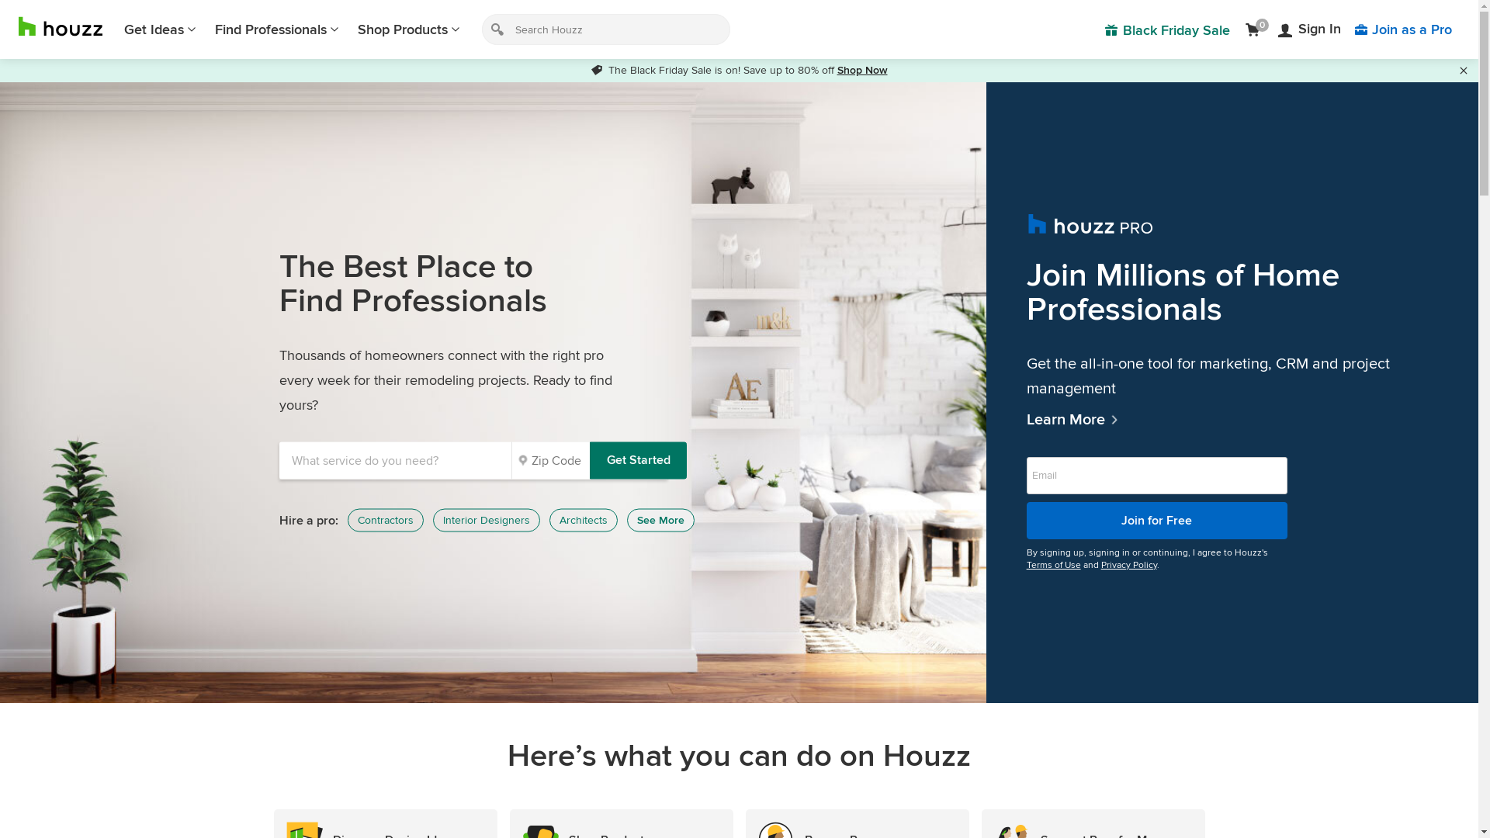  I want to click on 'Shop Products', so click(348, 29).